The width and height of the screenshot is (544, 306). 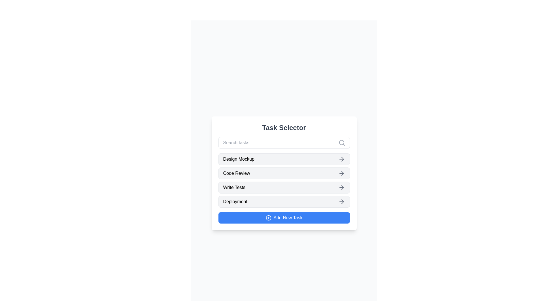 I want to click on the task items in the 'Task Selector' list, so click(x=284, y=180).